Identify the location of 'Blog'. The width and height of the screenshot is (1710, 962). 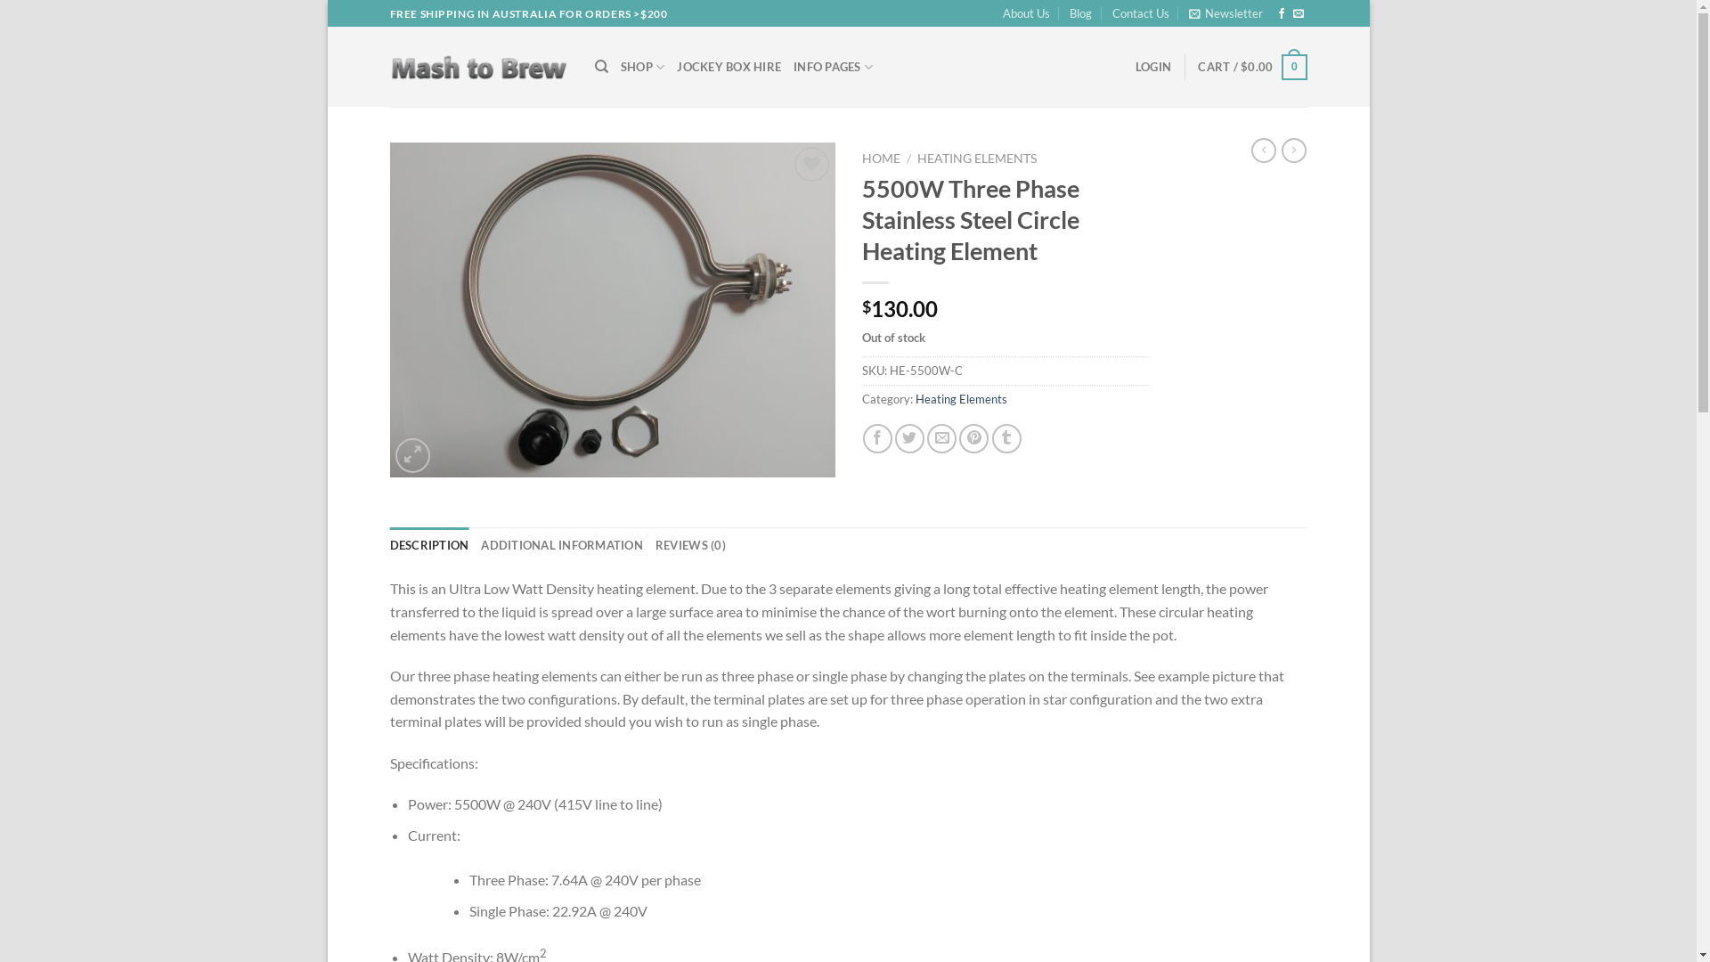
(1069, 13).